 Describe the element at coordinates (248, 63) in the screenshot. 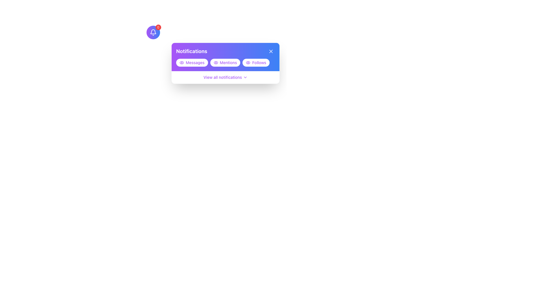

I see `the eye-shaped icon with a purple border, located to the left of the 'Follows' text label` at that location.